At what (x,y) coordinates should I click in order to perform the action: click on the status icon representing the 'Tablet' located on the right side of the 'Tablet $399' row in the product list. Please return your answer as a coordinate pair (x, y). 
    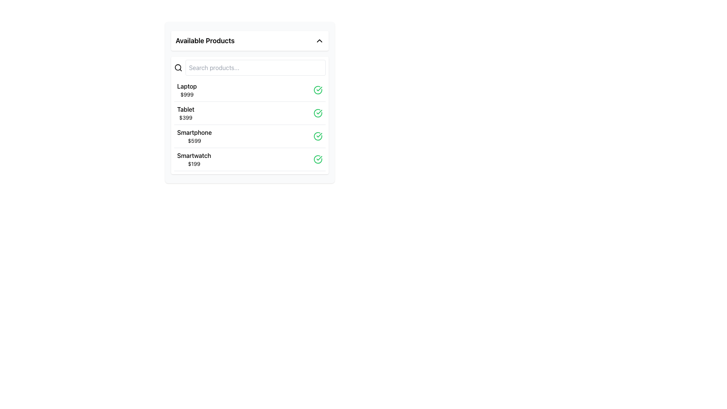
    Looking at the image, I should click on (318, 113).